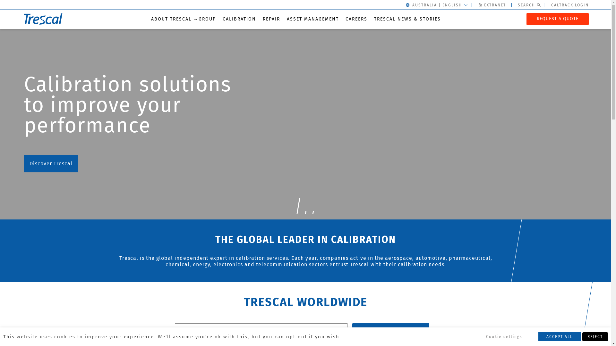 Image resolution: width=616 pixels, height=346 pixels. Describe the element at coordinates (239, 19) in the screenshot. I see `'CALIBRATION'` at that location.